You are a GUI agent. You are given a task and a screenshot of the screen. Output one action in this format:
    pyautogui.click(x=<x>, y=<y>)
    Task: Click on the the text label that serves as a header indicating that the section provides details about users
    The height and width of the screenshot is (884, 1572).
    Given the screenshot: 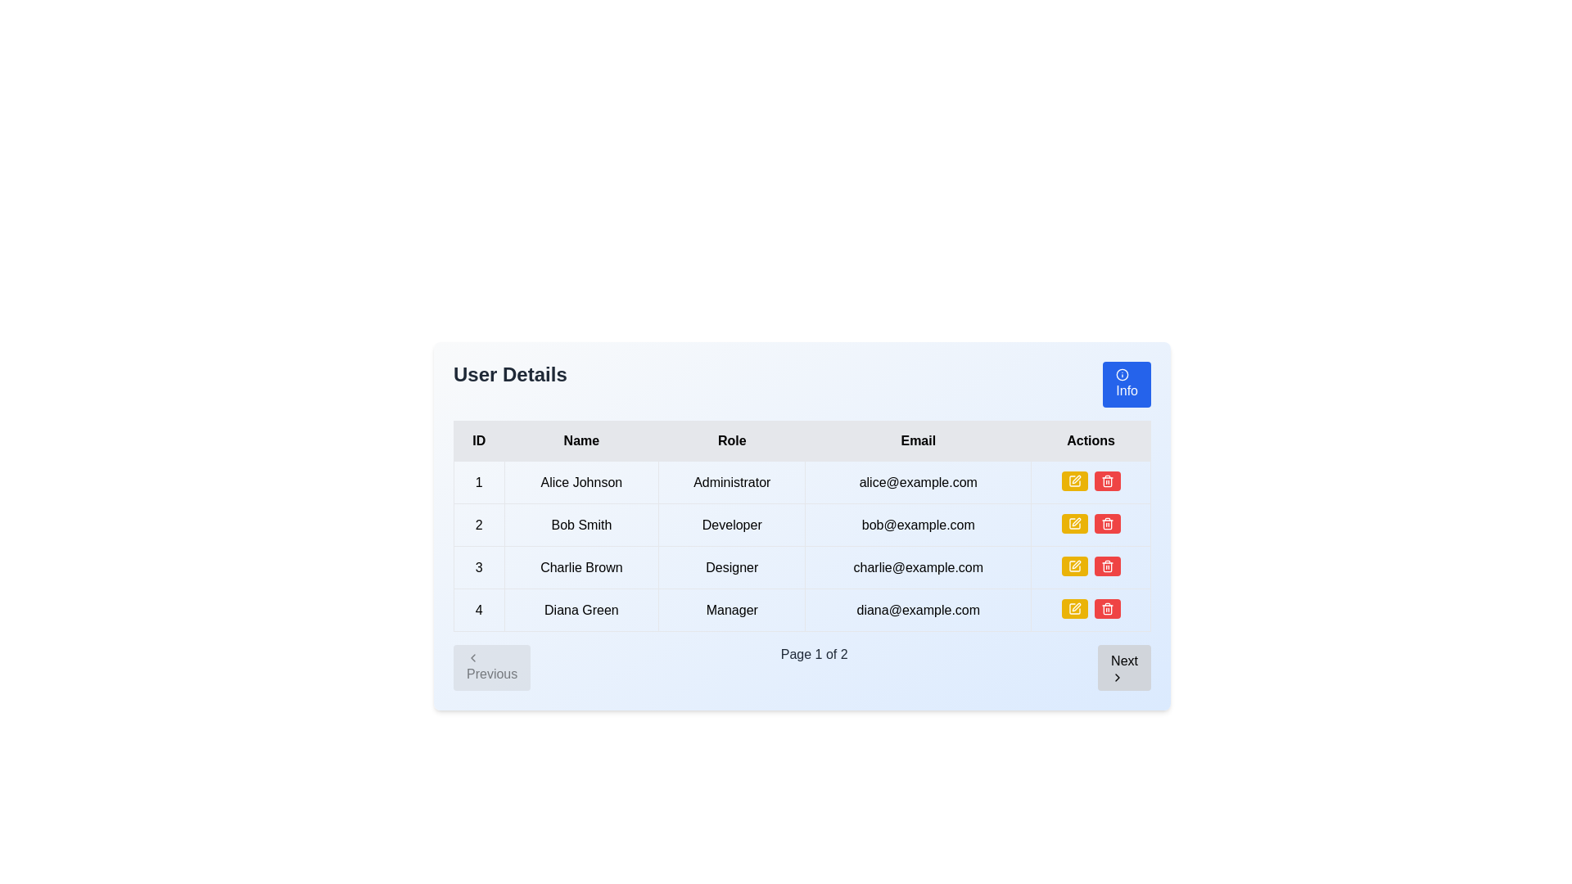 What is the action you would take?
    pyautogui.click(x=509, y=385)
    